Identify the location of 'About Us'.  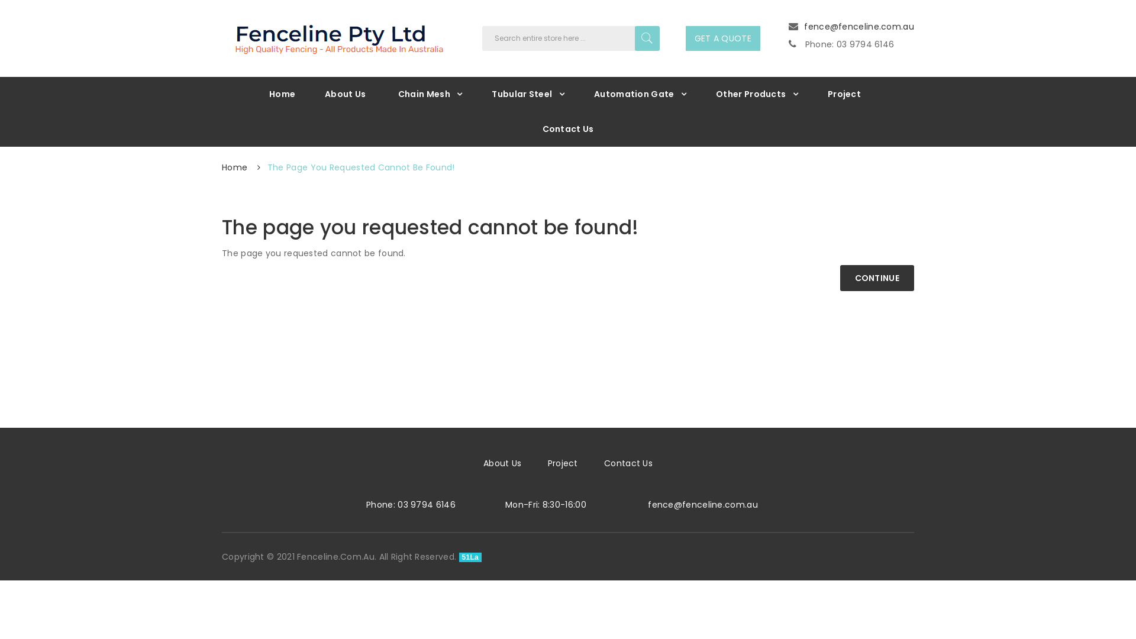
(344, 93).